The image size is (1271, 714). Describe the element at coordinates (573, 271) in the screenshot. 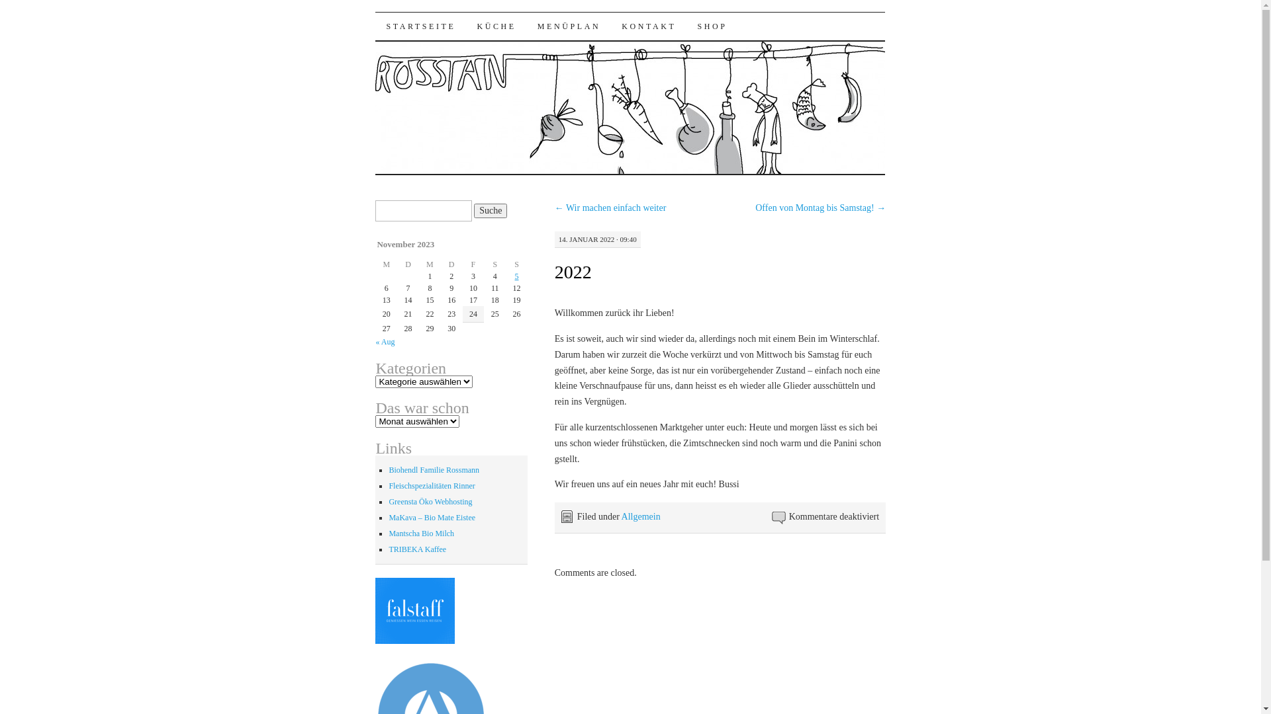

I see `'2022'` at that location.